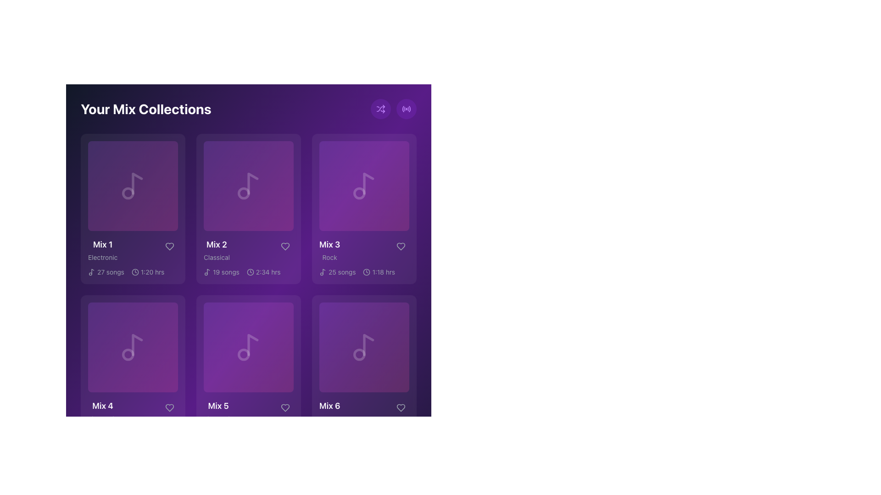  What do you see at coordinates (406, 109) in the screenshot?
I see `the broadcasting feature button located in the top-right area of the interface, next to the shuffle icon button` at bounding box center [406, 109].